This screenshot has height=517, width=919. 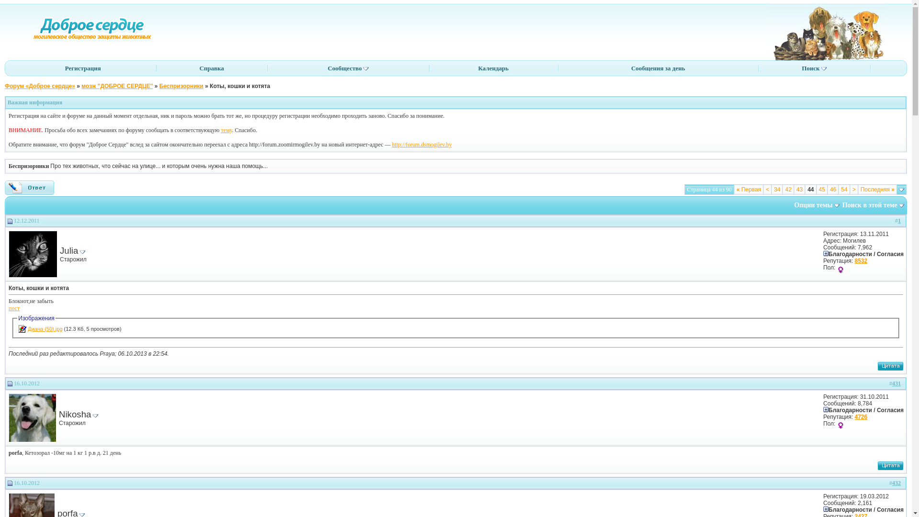 I want to click on 'Nikosha', so click(x=74, y=414).